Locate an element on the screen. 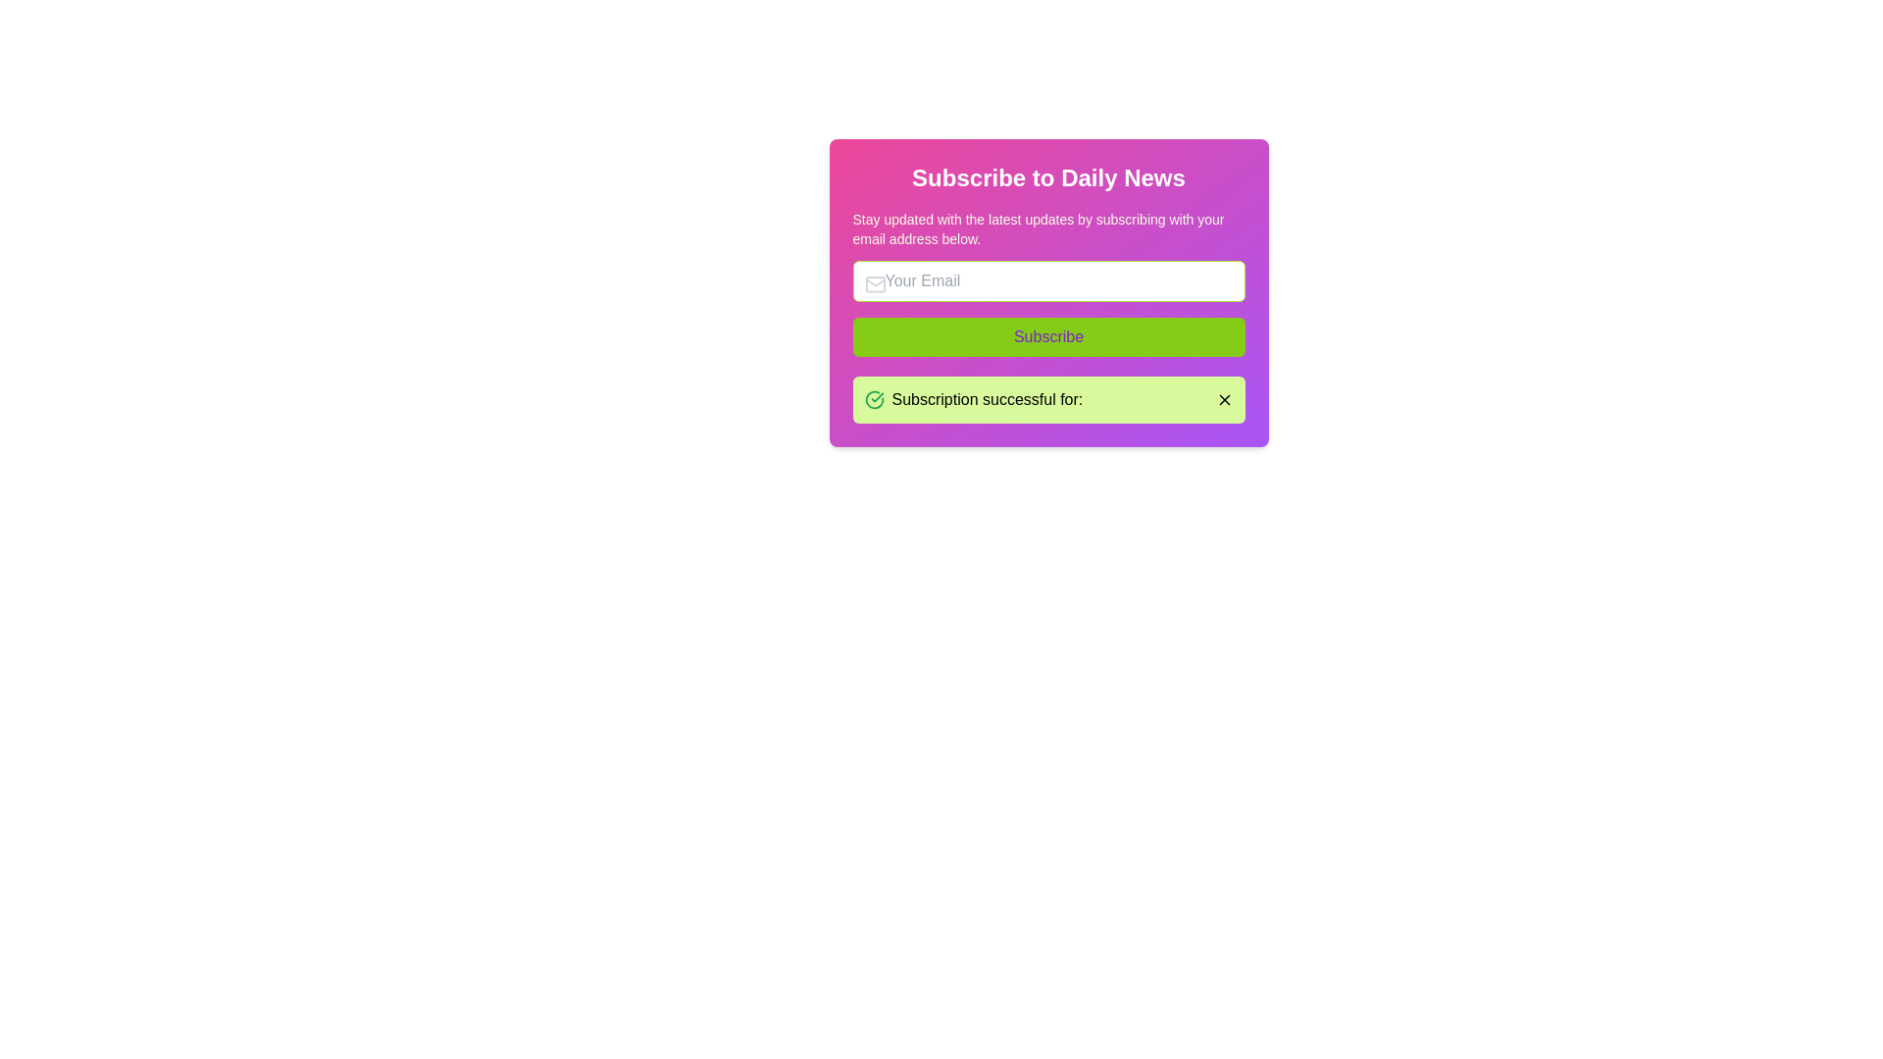 The image size is (1883, 1059). the decorative rectangle within the email icon, which features rounded corners and is centrally aligned in the subscription field is located at coordinates (874, 284).